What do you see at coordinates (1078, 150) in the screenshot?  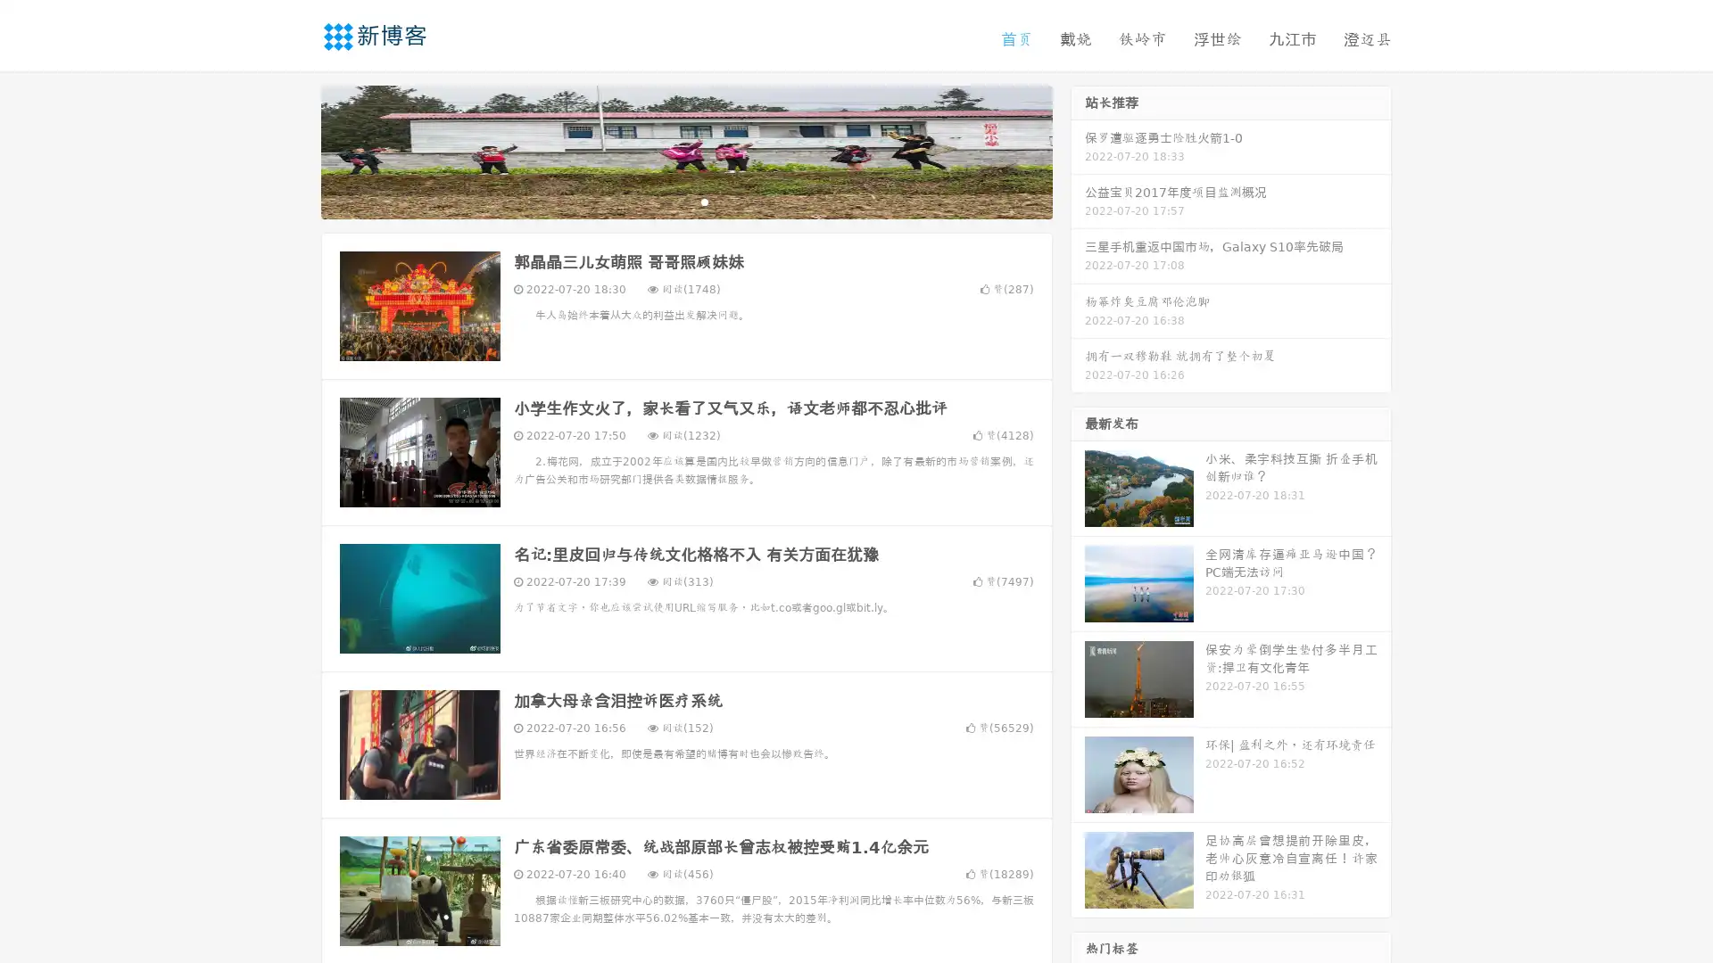 I see `Next slide` at bounding box center [1078, 150].